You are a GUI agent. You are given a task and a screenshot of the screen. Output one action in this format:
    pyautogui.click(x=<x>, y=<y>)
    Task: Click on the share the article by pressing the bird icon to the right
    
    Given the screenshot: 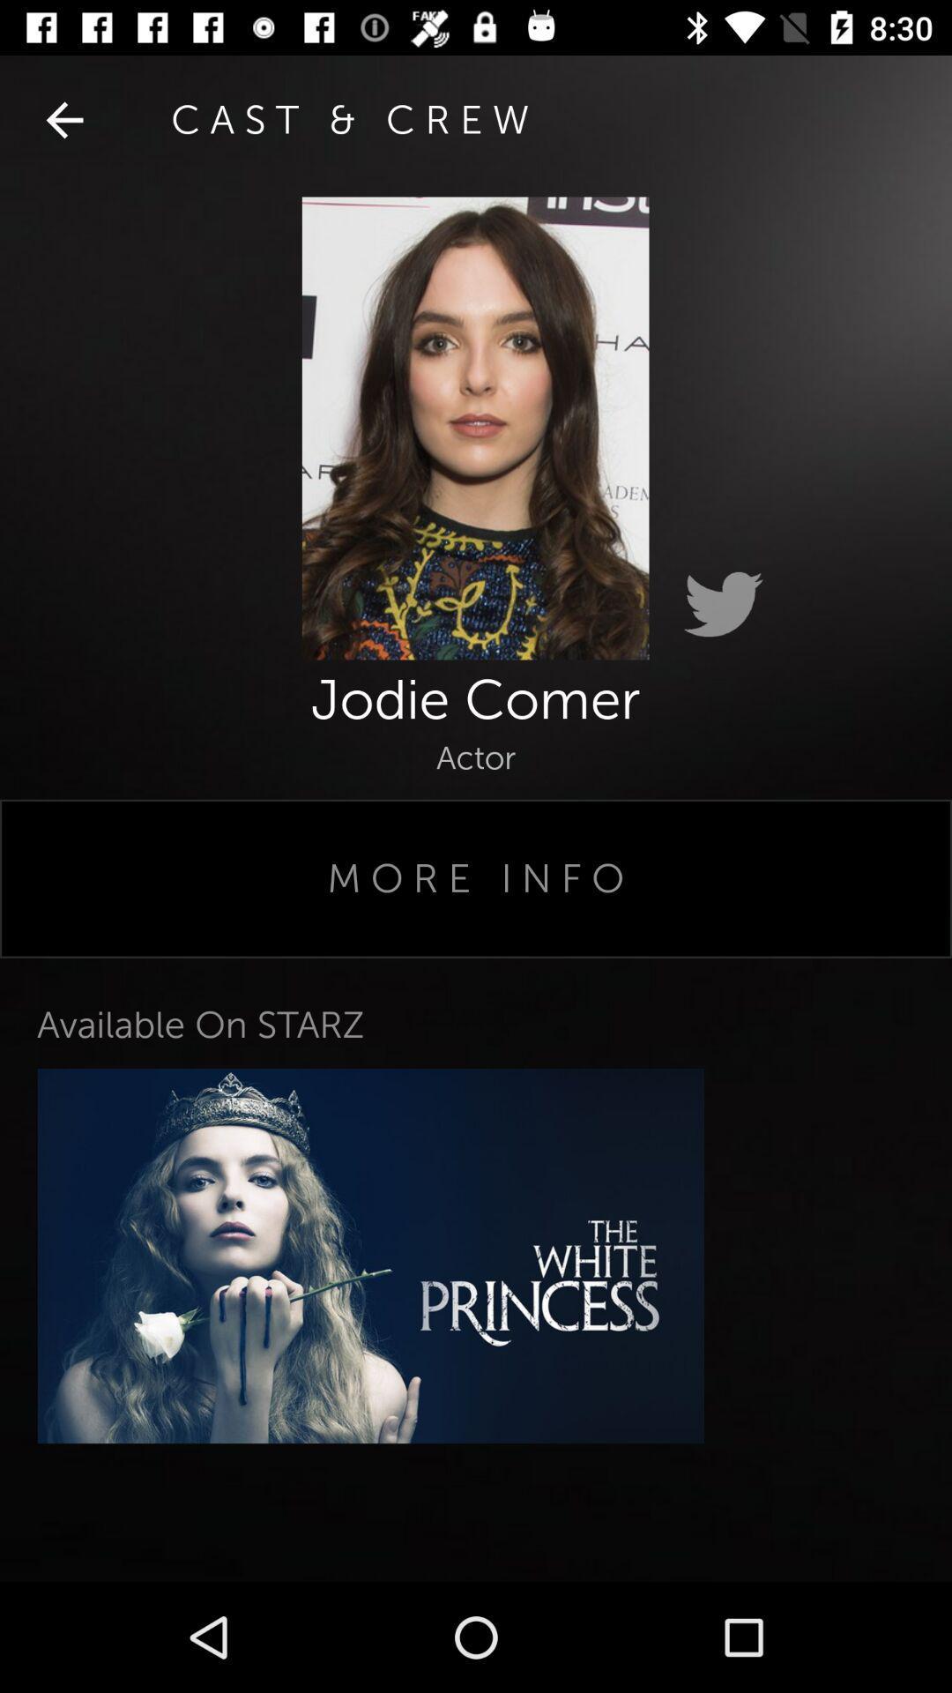 What is the action you would take?
    pyautogui.click(x=723, y=605)
    